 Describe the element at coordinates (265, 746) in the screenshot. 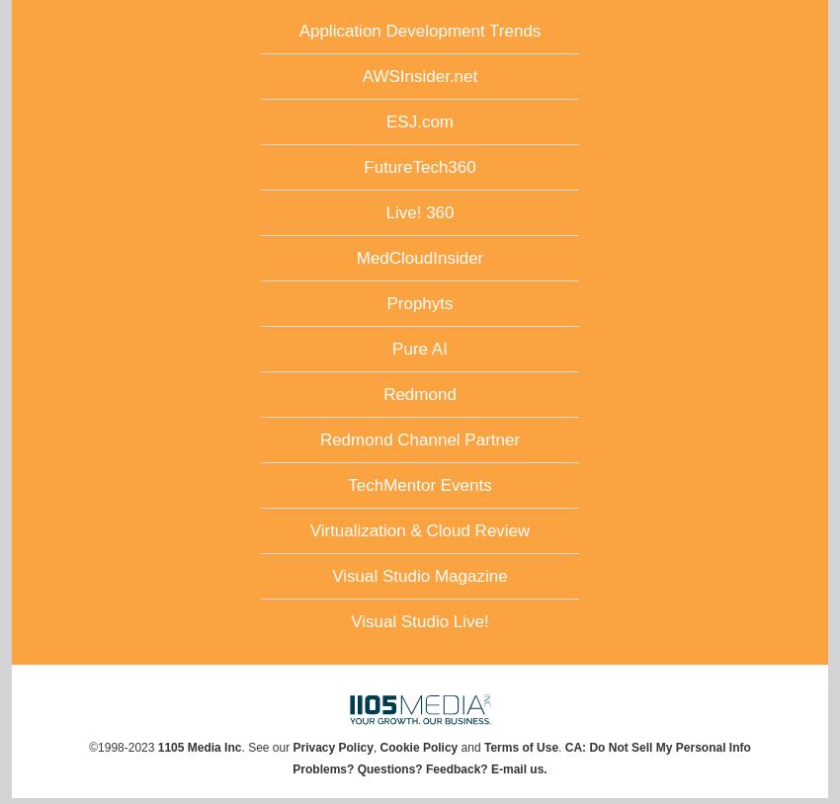

I see `'. See our'` at that location.